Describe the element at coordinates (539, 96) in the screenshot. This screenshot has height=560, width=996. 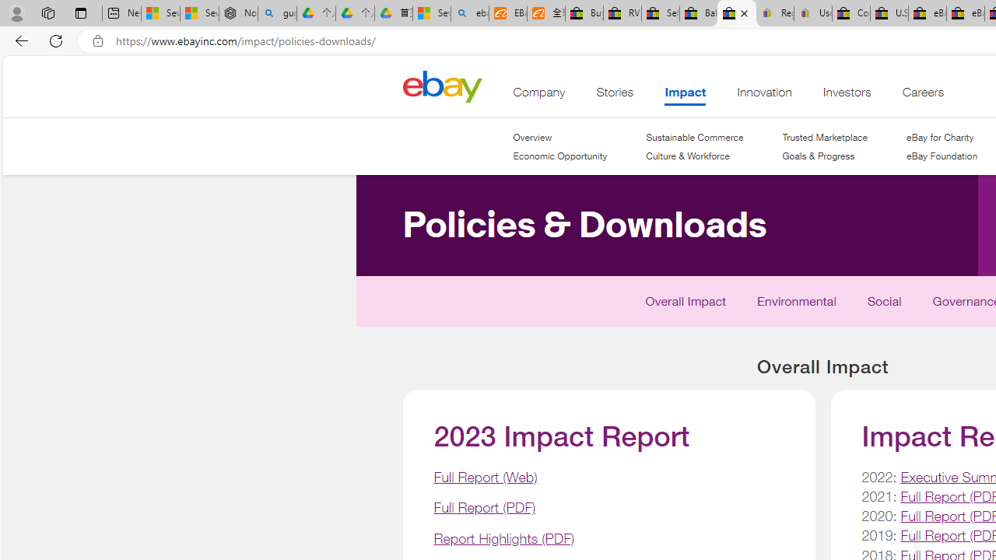
I see `'Company'` at that location.